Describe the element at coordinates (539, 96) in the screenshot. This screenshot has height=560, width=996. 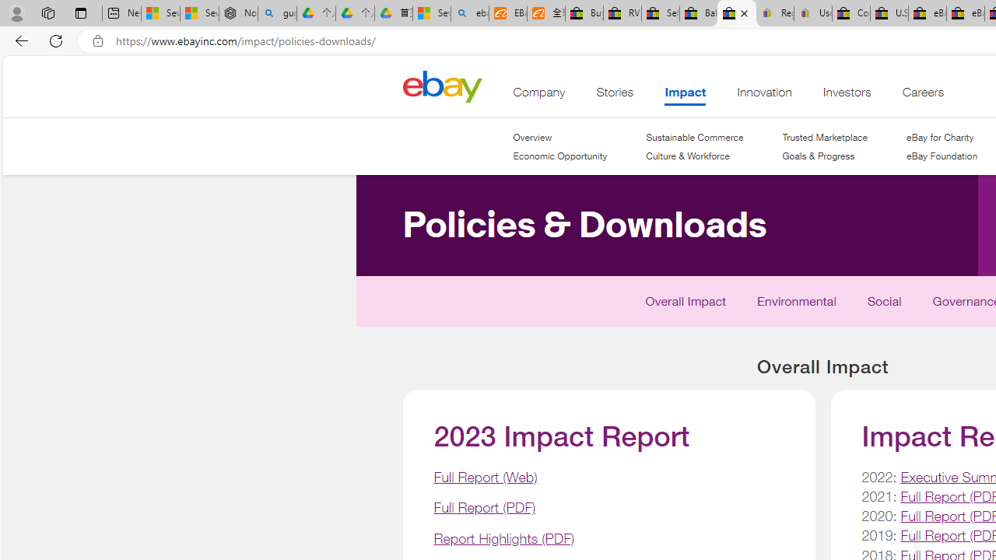
I see `'Company'` at that location.